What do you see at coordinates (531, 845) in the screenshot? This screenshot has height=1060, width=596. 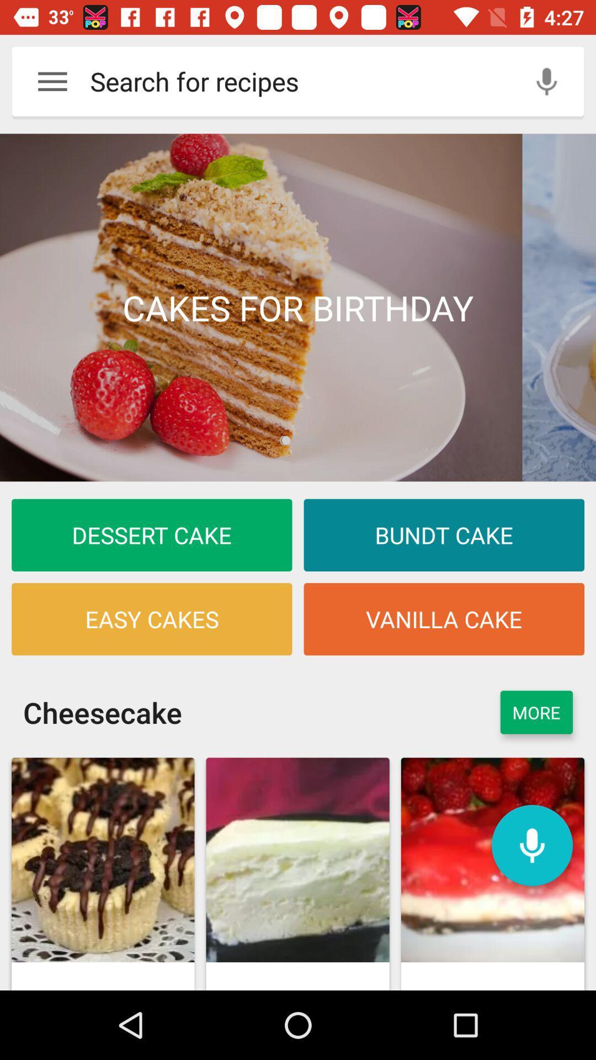 I see `the microphone icon` at bounding box center [531, 845].